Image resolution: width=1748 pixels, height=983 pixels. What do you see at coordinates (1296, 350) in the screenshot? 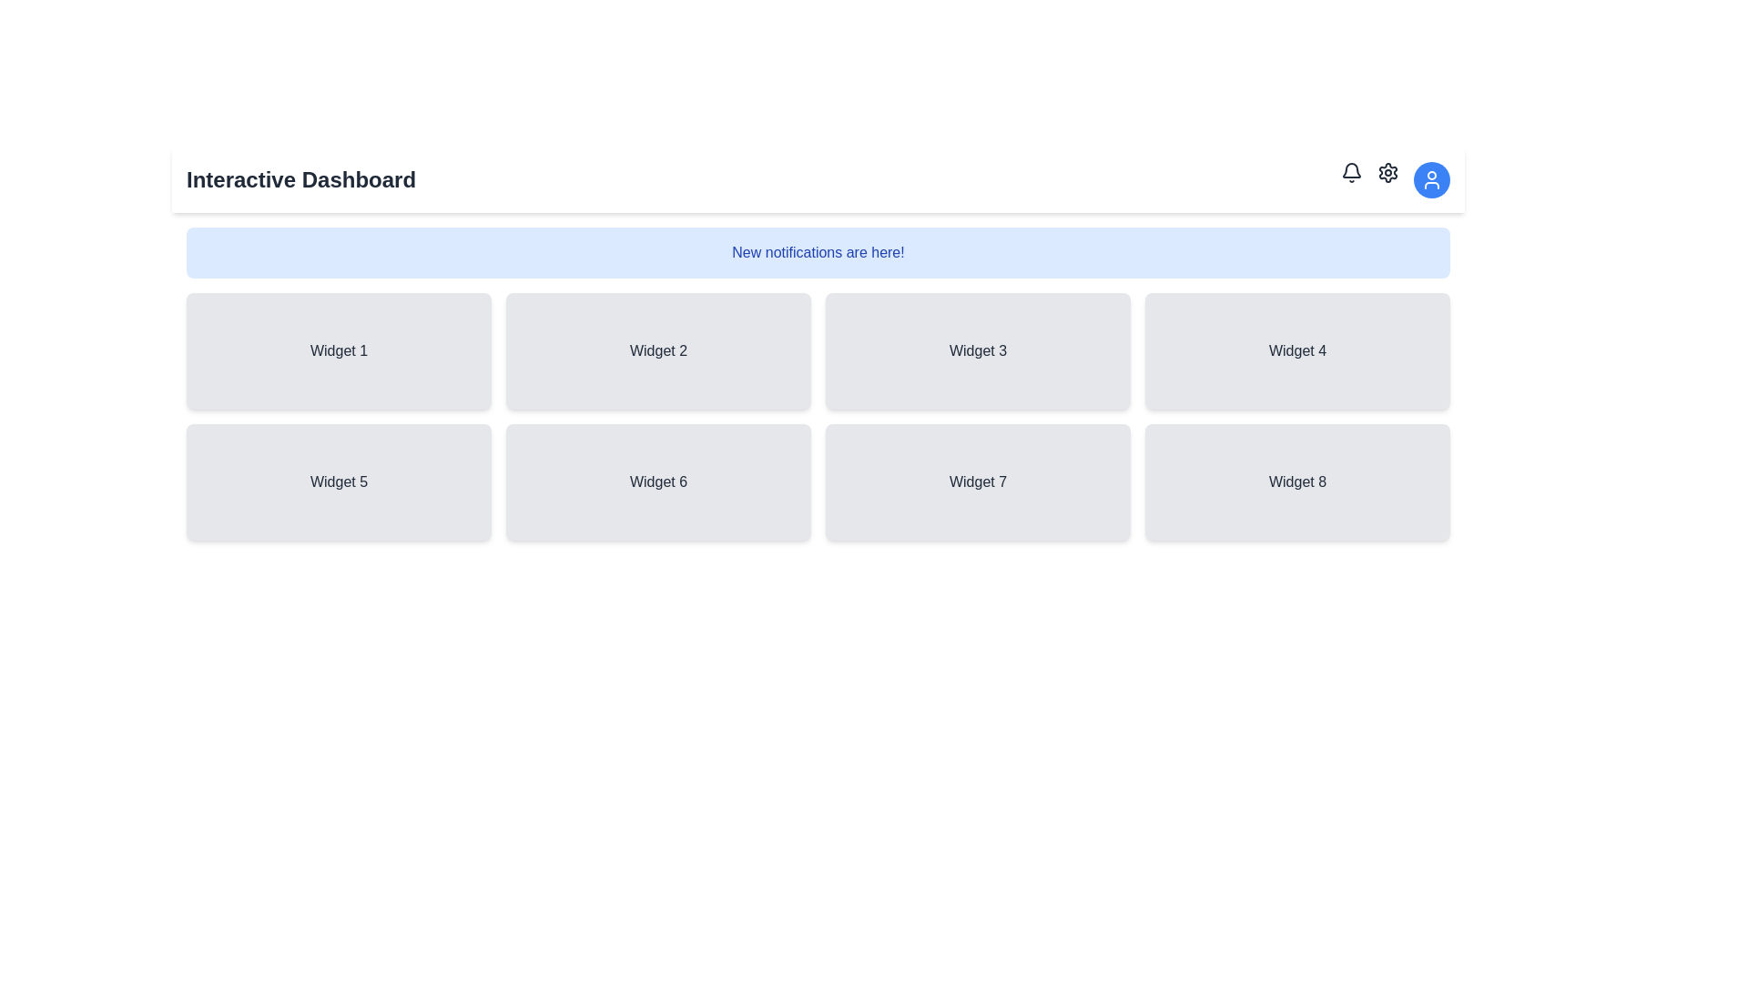
I see `the rectangular card labeled 'Widget 4', which has a light gray background, rounded corners, and centered black text. This card is the fourth item in a grid layout, positioned in the first row and fourth column` at bounding box center [1296, 350].